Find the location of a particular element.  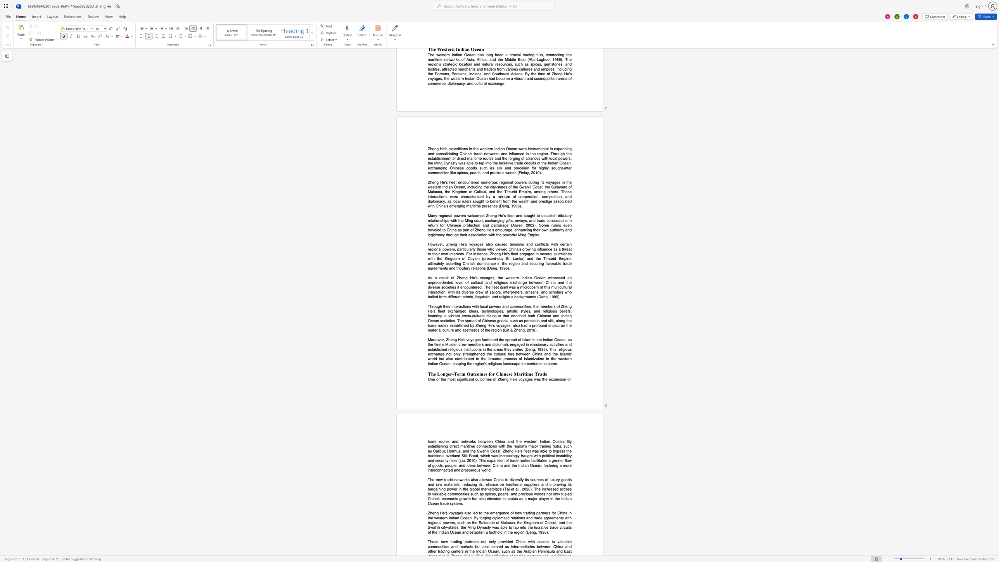

the subset text "over, Zhen" within the text "Moreover, Zheng He" is located at coordinates (437, 339).